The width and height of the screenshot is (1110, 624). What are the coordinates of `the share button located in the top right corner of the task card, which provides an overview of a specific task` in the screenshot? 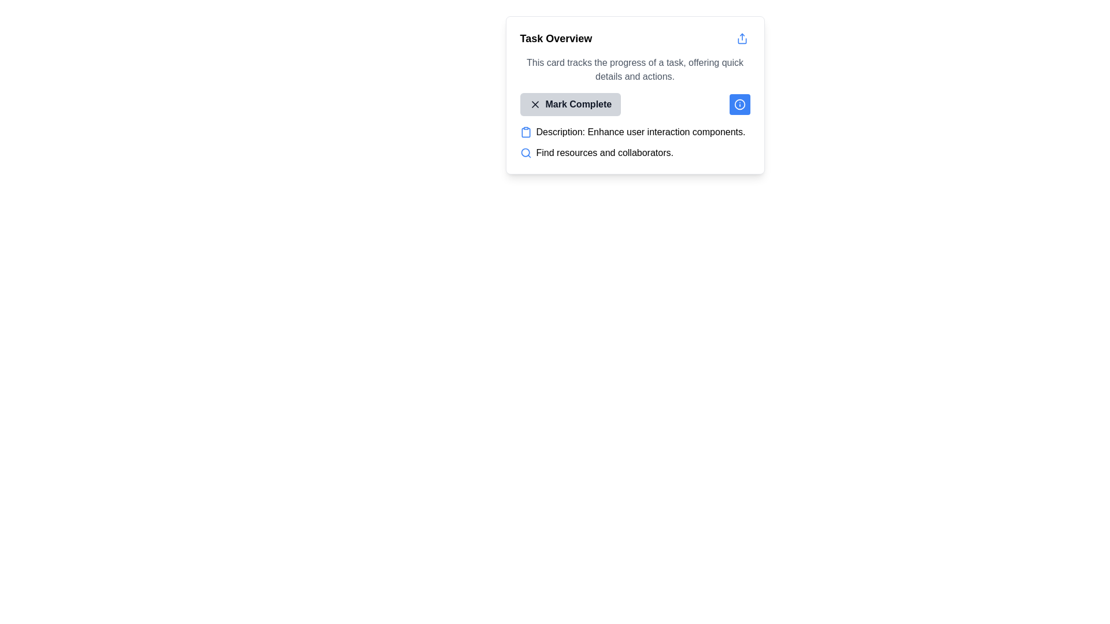 It's located at (634, 95).